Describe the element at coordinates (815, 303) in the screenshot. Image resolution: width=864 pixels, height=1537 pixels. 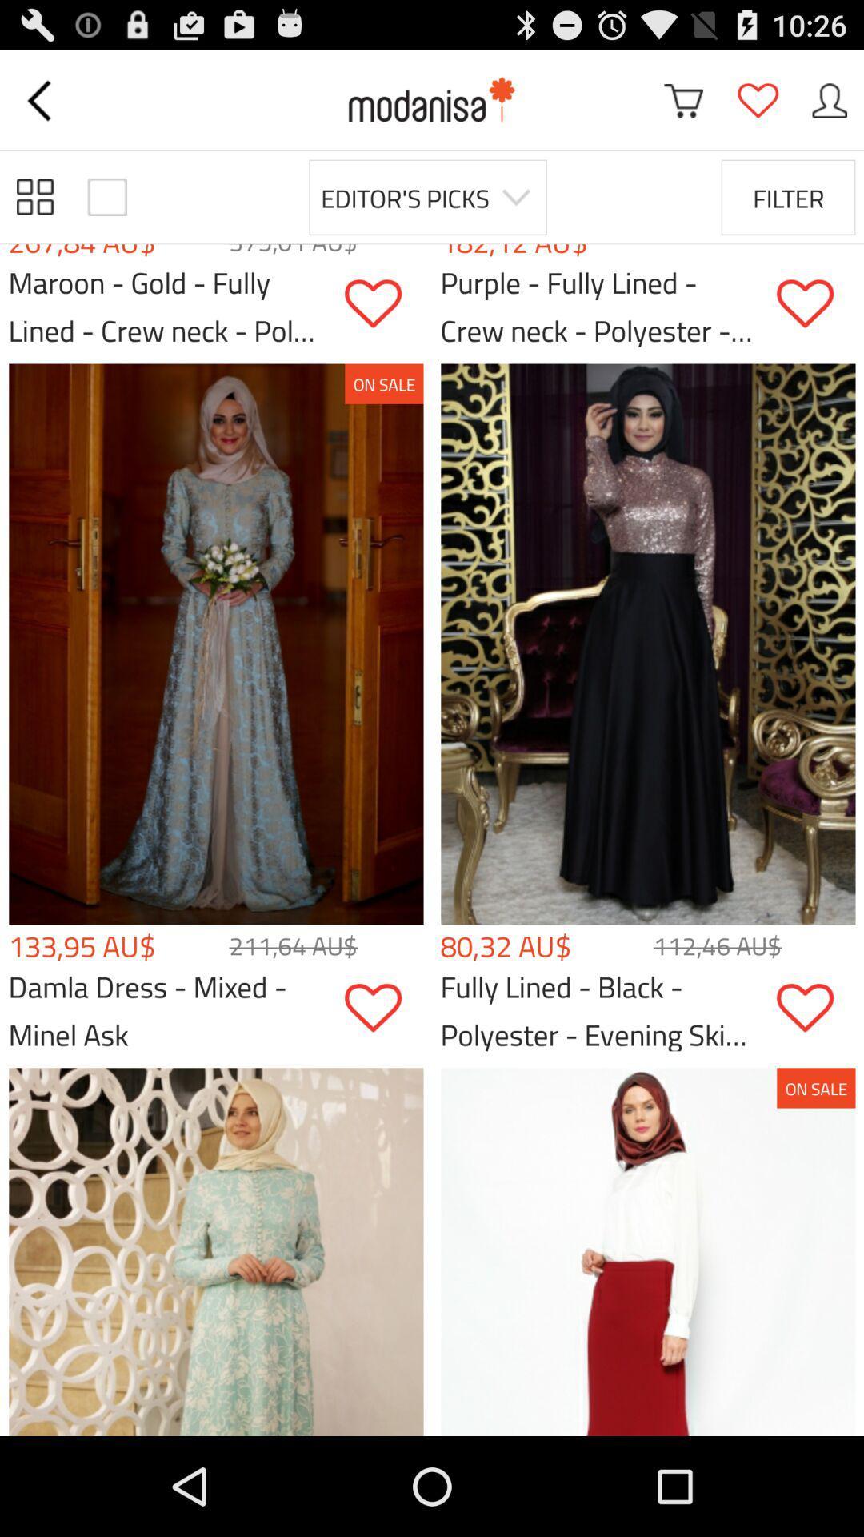
I see `the product in the favorite list` at that location.